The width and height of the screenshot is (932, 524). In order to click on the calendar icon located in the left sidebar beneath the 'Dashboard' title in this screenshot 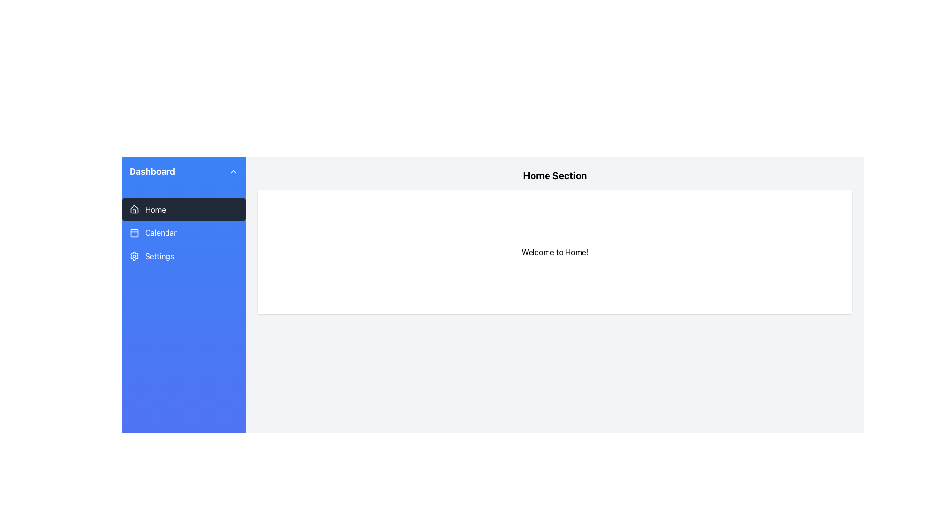, I will do `click(134, 232)`.